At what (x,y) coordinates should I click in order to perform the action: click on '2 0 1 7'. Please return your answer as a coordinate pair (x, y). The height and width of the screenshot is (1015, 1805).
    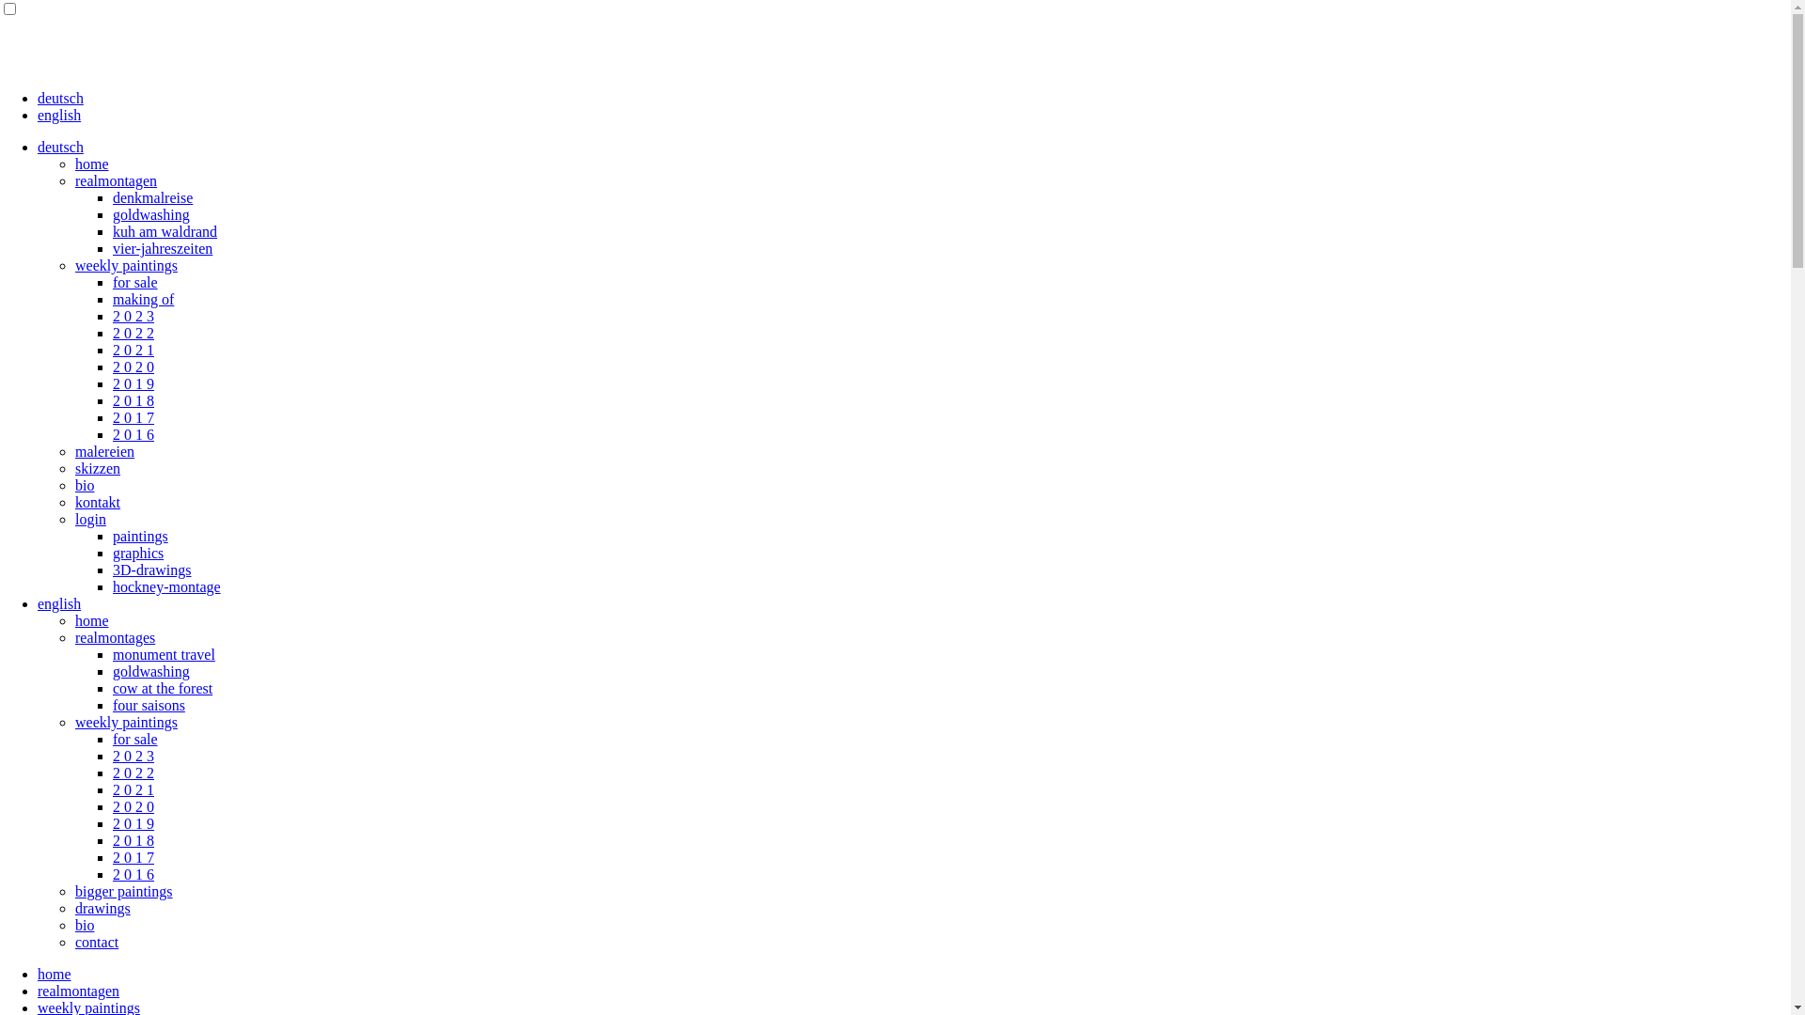
    Looking at the image, I should click on (133, 857).